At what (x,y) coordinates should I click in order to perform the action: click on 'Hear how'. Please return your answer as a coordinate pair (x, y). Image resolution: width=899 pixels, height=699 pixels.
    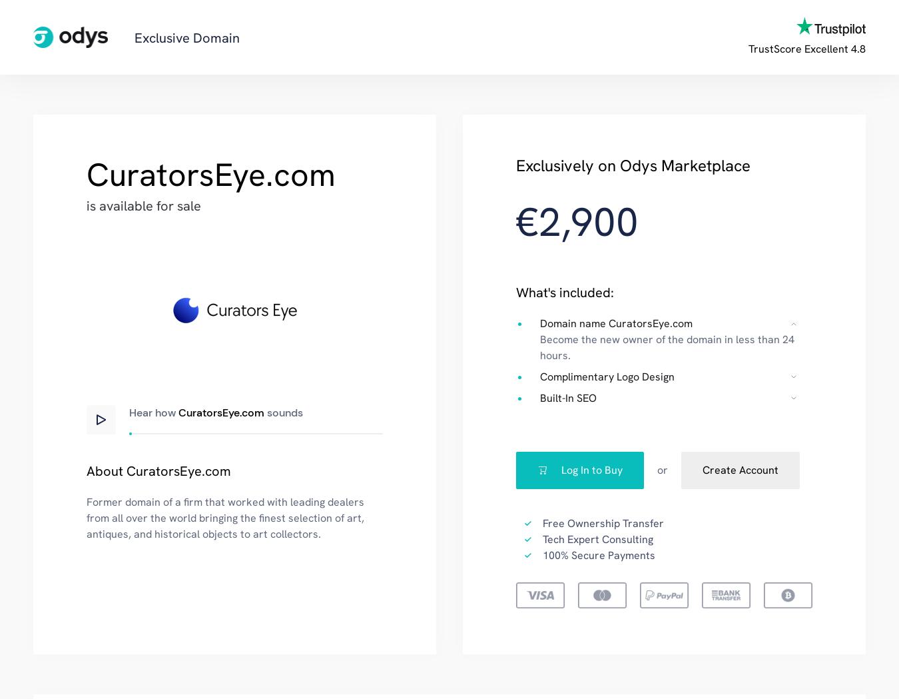
    Looking at the image, I should click on (152, 412).